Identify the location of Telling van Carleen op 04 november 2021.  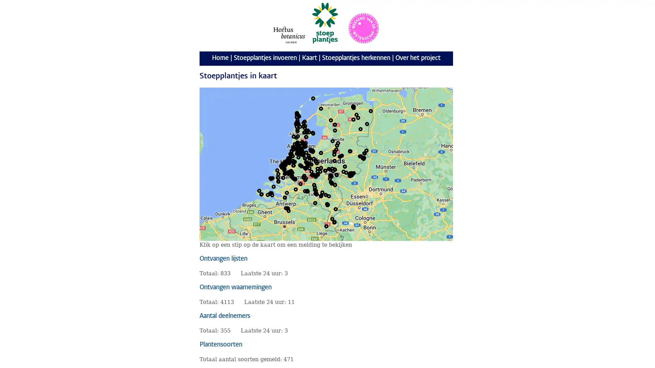
(353, 106).